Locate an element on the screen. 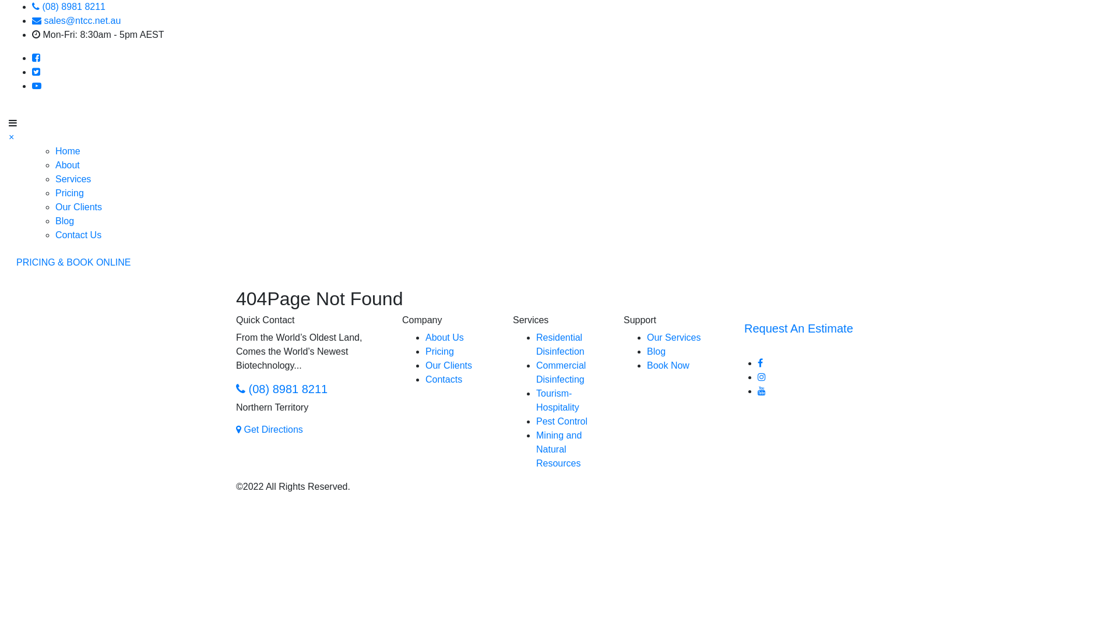 Image resolution: width=1119 pixels, height=629 pixels. 'sales@ntcc.net.au' is located at coordinates (75, 20).